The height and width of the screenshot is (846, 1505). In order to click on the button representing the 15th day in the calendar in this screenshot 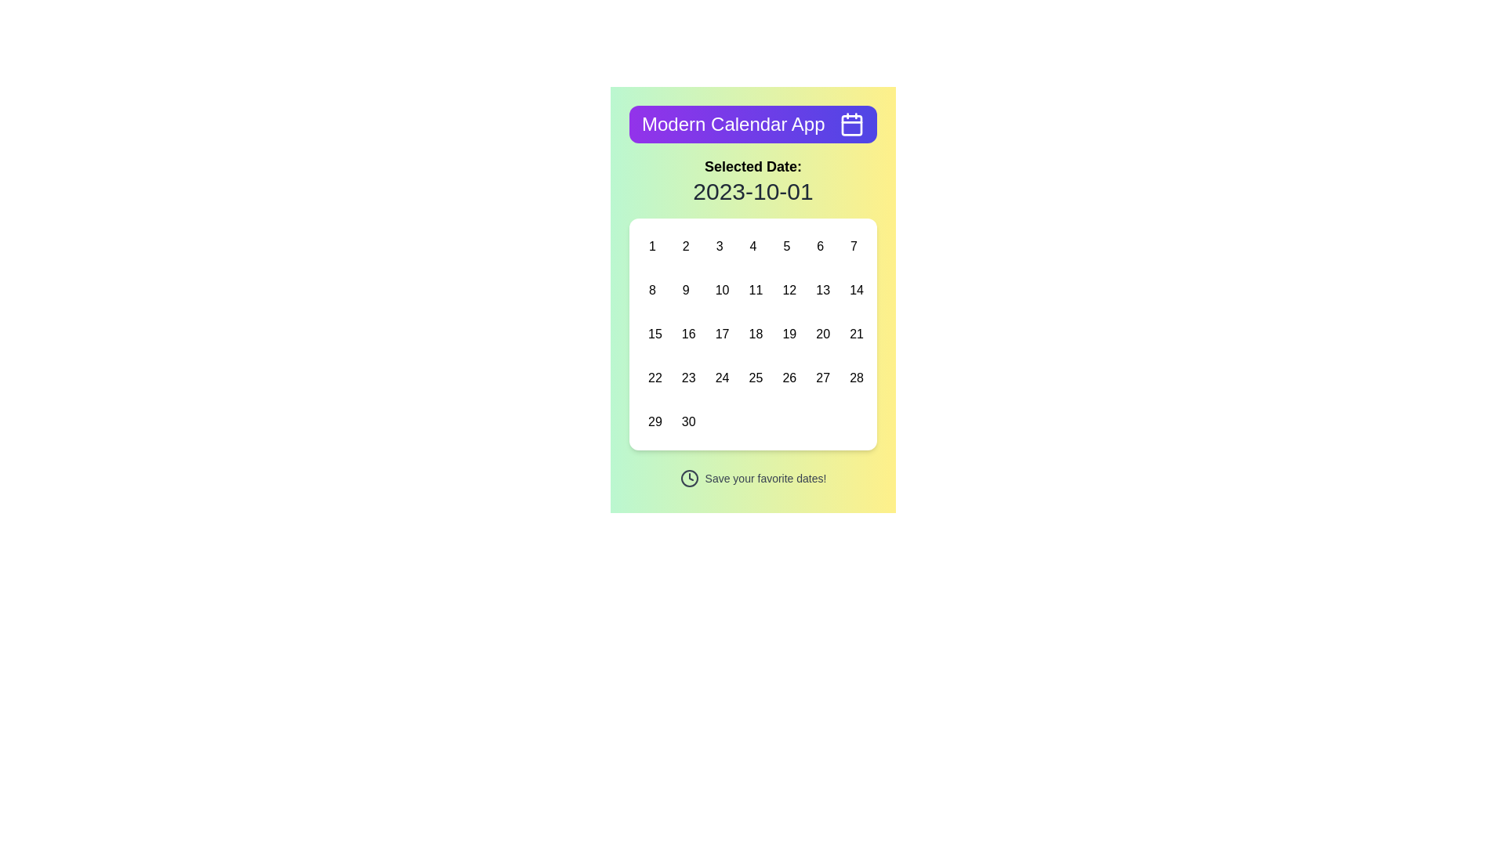, I will do `click(652, 334)`.